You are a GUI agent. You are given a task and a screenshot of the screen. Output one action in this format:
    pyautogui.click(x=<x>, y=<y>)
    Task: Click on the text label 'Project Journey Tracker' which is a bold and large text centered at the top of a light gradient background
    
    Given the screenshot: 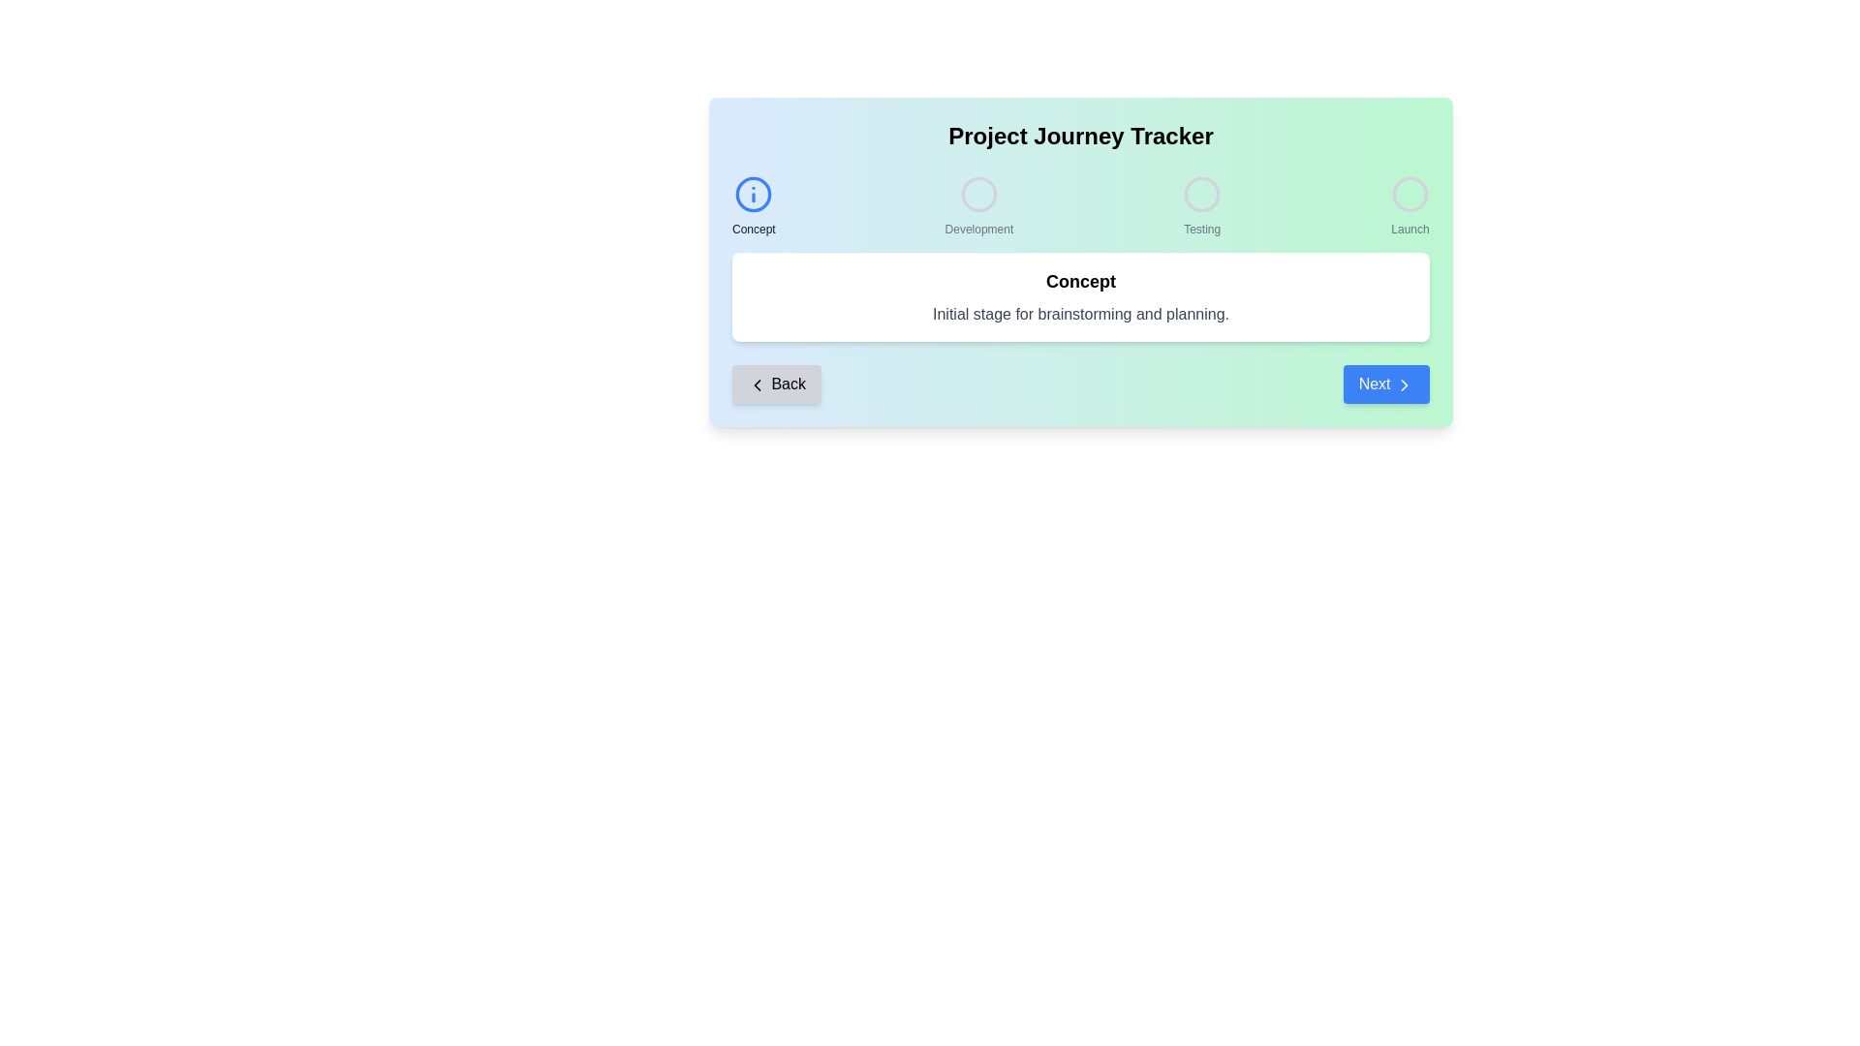 What is the action you would take?
    pyautogui.click(x=1080, y=136)
    